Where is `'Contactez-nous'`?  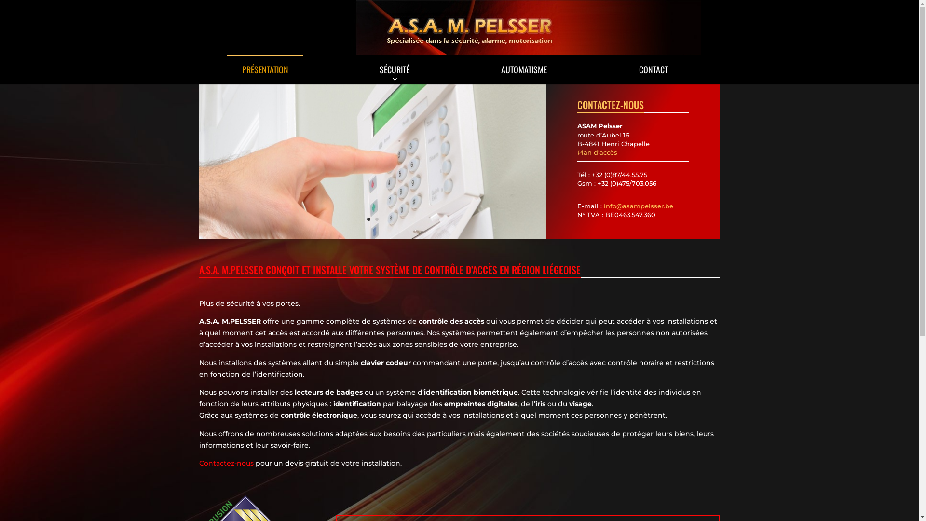
'Contactez-nous' is located at coordinates (225, 463).